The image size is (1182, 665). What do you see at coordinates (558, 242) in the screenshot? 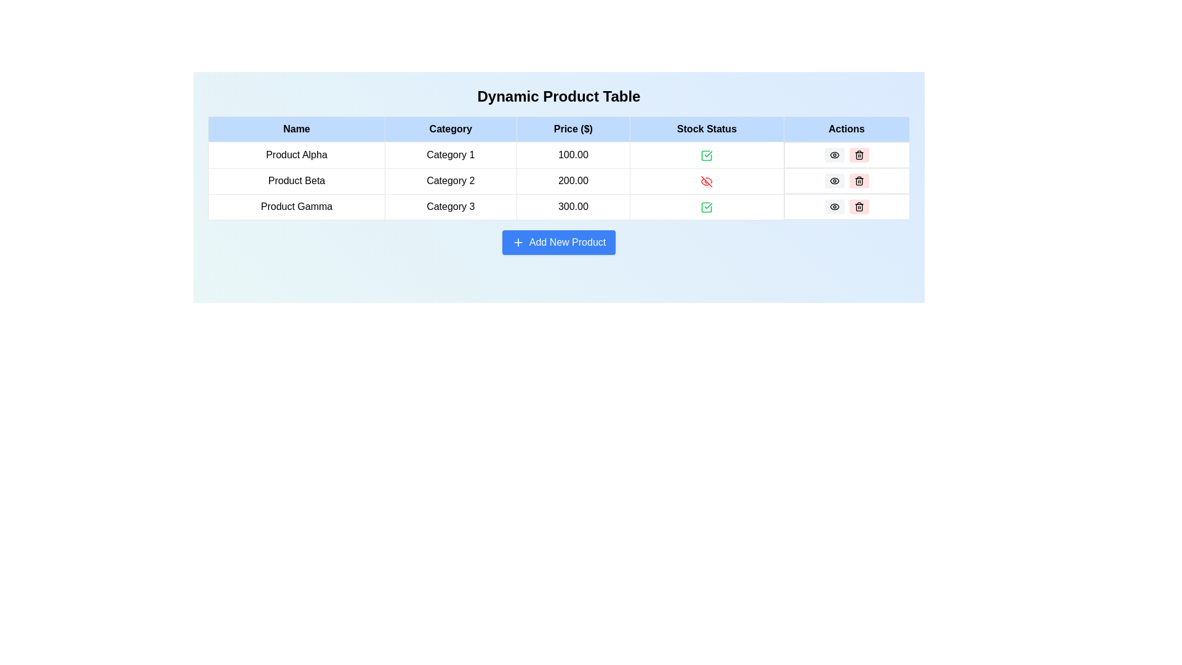
I see `the 'Add New Product' button, which is a blue rectangular button with rounded corners, located at the bottom of the 'Dynamic Product Table' interface, to observe hover effects` at bounding box center [558, 242].